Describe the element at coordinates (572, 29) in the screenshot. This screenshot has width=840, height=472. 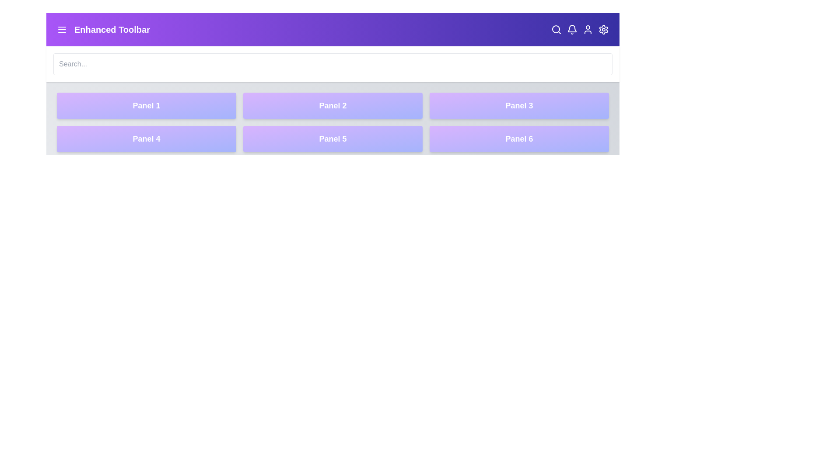
I see `the bell icon to open the notification menu` at that location.